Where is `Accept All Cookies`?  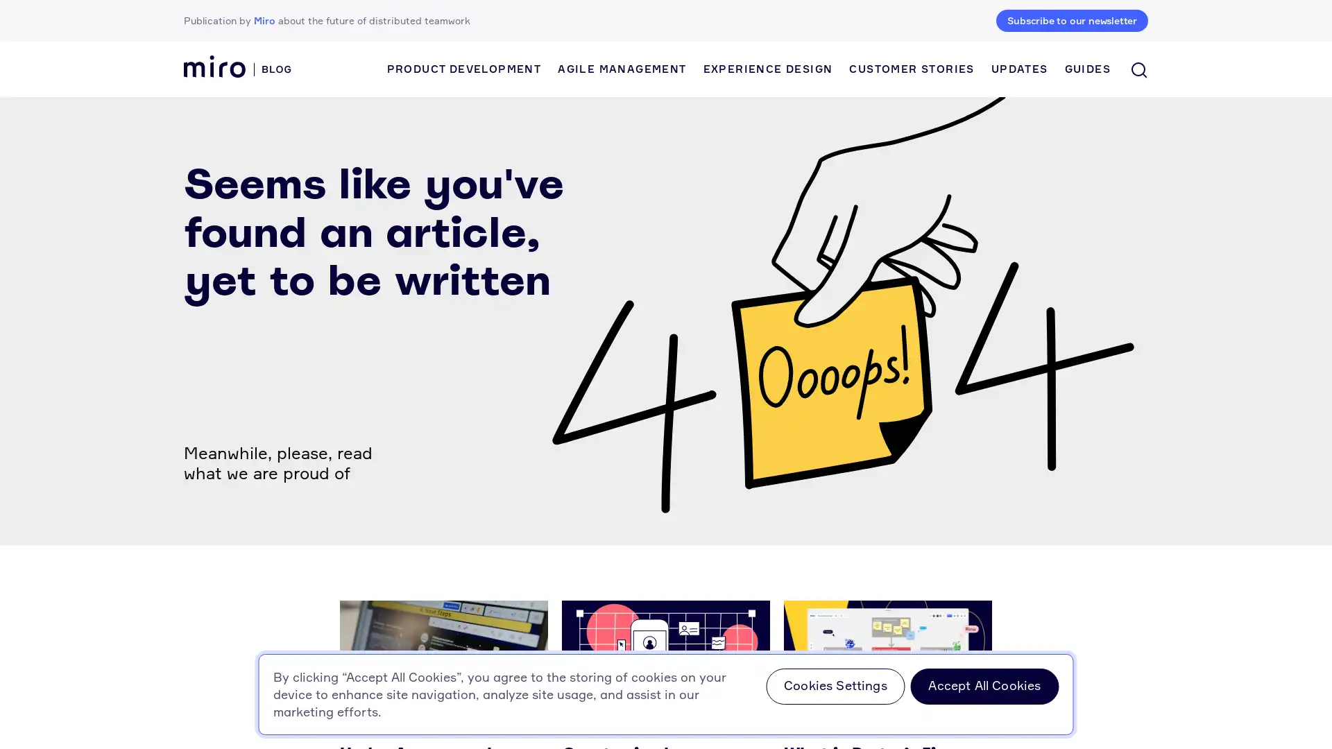
Accept All Cookies is located at coordinates (984, 687).